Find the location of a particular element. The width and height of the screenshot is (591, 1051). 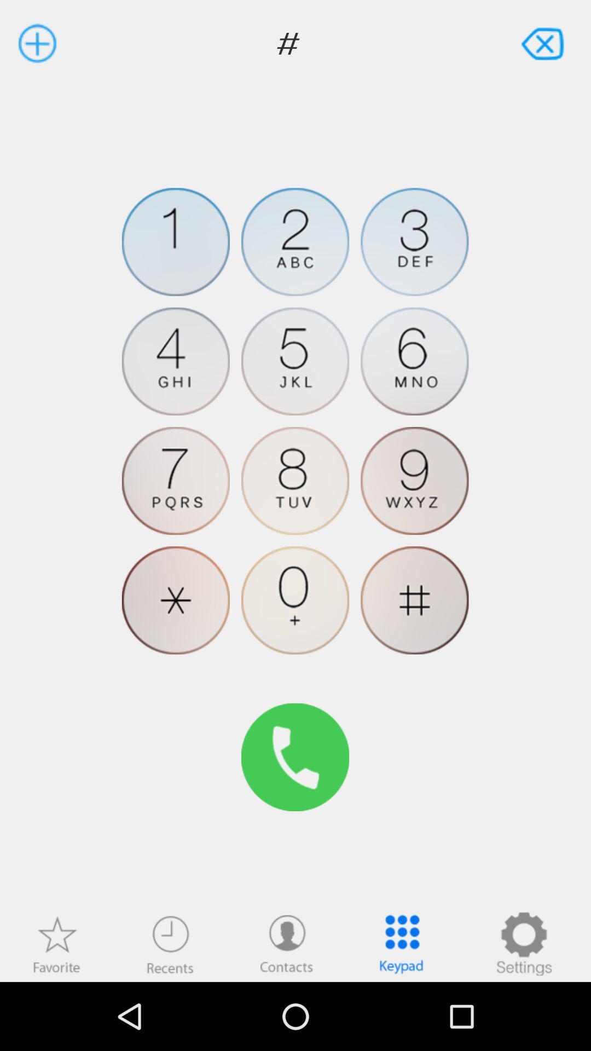

app below the # item is located at coordinates (56, 943).